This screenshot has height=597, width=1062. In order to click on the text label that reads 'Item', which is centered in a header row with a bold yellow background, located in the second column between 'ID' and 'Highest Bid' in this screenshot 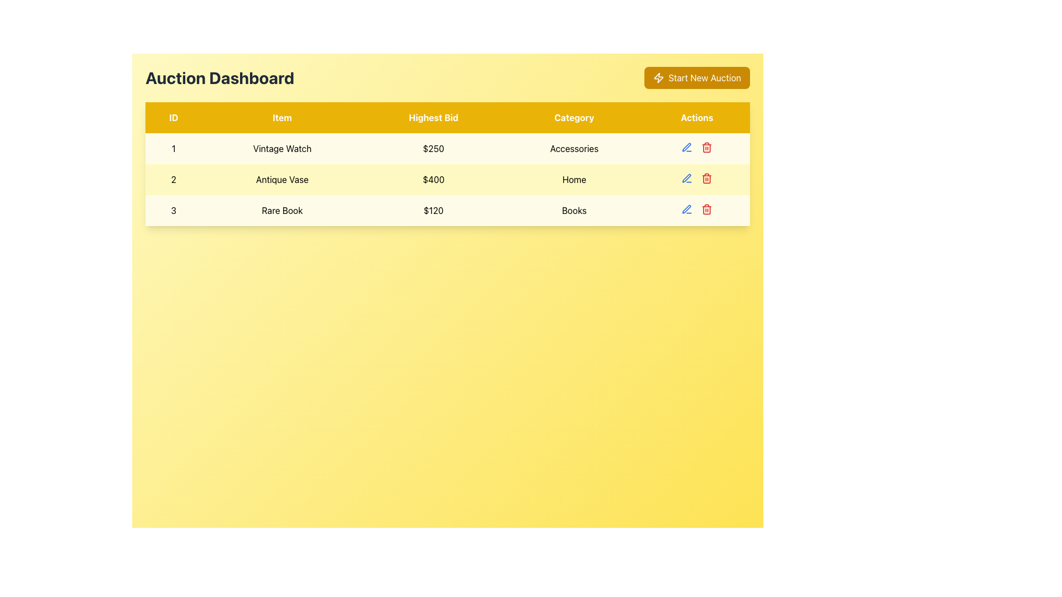, I will do `click(282, 117)`.